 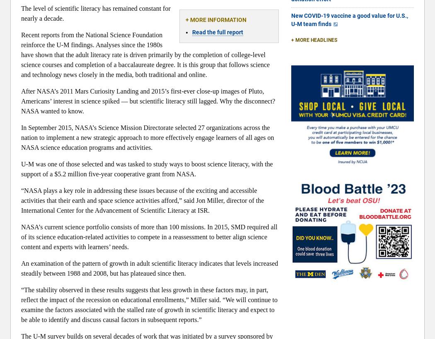 I want to click on '“The stability observed in these results suggests that less growth in these factors may, in part, reflect the impact of the recession on educational enrollments,” Miller said. “We will continue to examine the factors associated with the stalled rate of growth in scientific literacy and expect to be able to identify and discuss causal factors in subsequent reports.”', so click(x=149, y=304).